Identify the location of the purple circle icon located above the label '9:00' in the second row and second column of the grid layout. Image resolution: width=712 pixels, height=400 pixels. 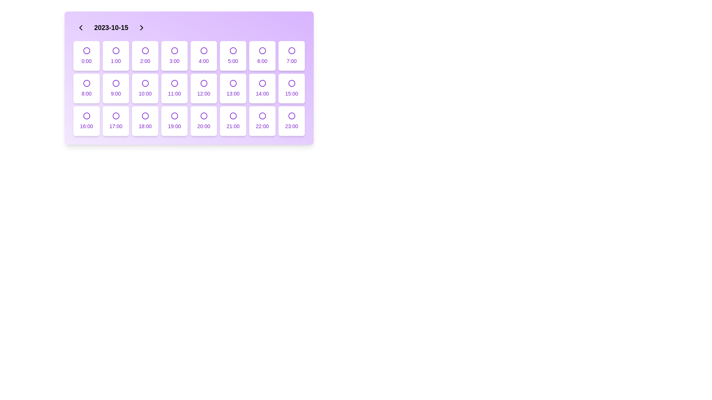
(115, 83).